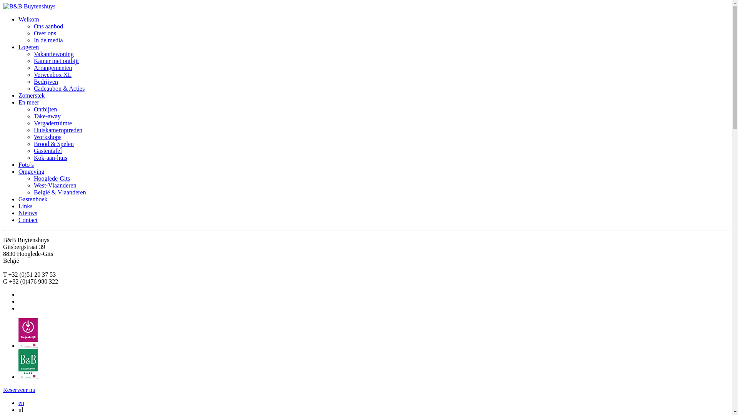 The width and height of the screenshot is (738, 415). What do you see at coordinates (33, 40) in the screenshot?
I see `'In de media'` at bounding box center [33, 40].